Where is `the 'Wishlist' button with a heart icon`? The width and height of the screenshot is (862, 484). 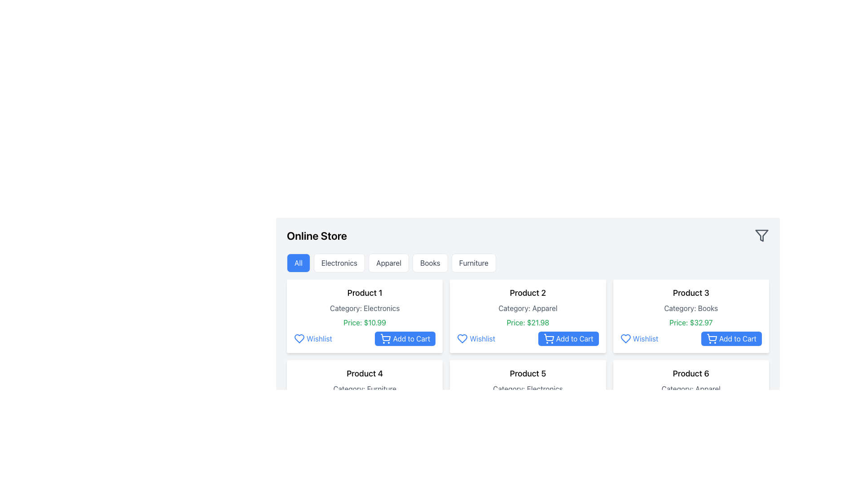 the 'Wishlist' button with a heart icon is located at coordinates (639, 339).